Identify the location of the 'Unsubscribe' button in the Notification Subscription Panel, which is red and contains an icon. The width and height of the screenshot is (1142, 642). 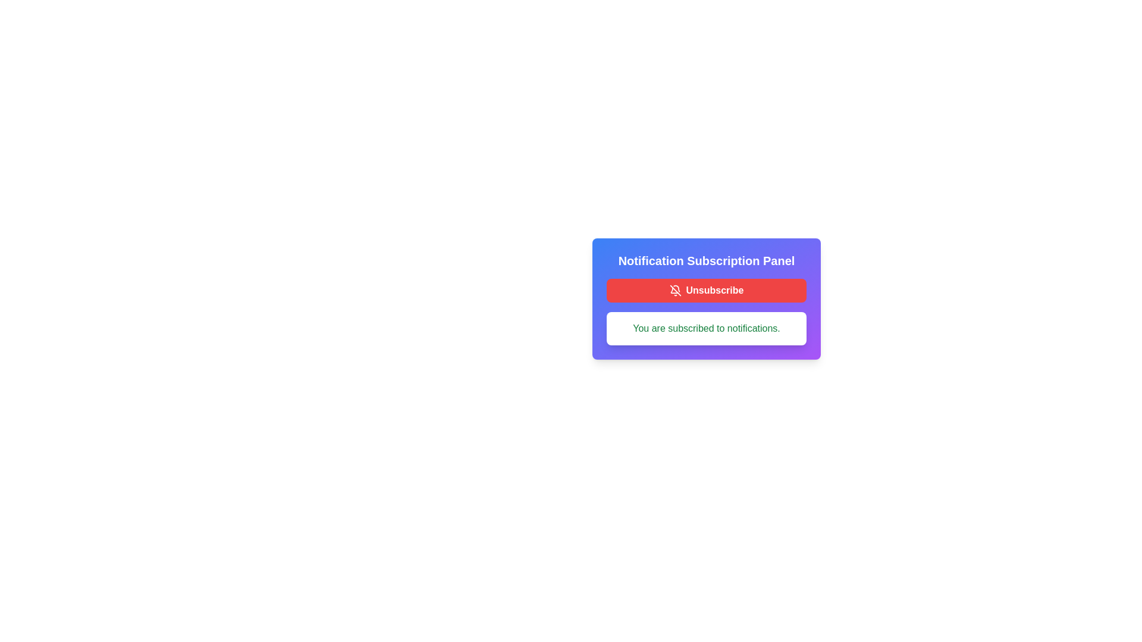
(707, 298).